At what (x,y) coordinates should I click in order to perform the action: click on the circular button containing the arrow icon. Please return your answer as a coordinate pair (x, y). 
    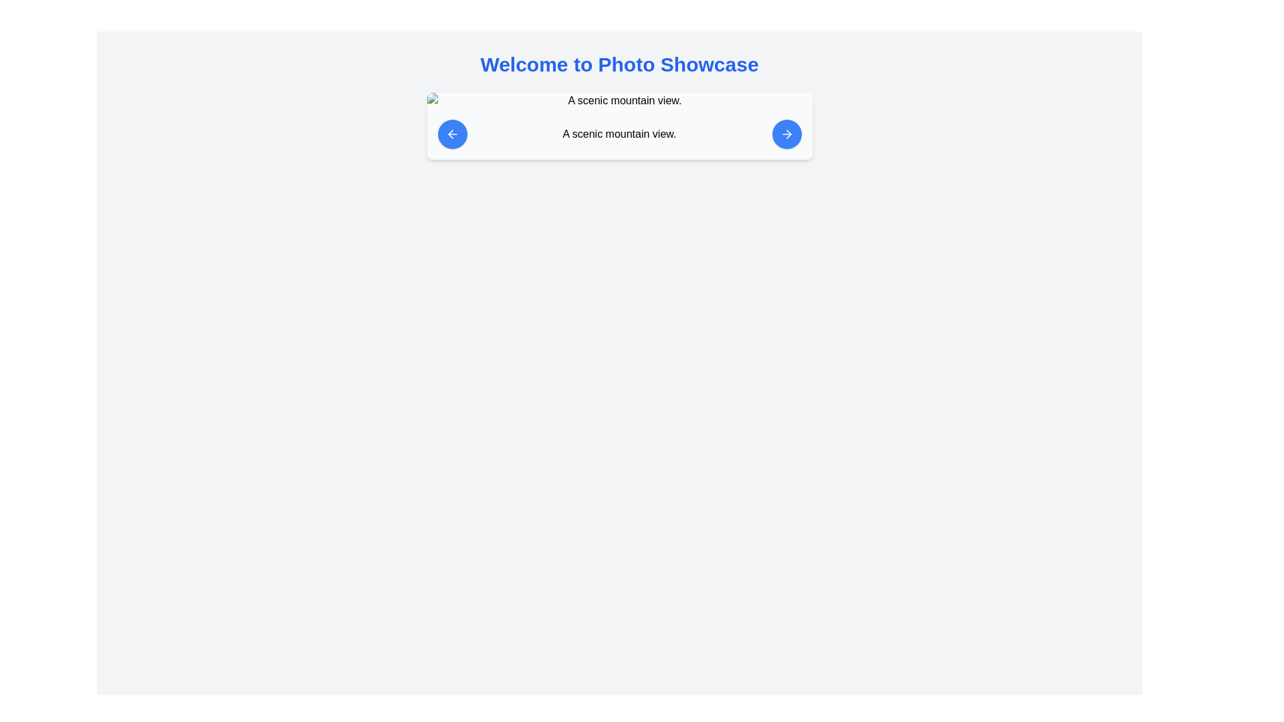
    Looking at the image, I should click on (786, 134).